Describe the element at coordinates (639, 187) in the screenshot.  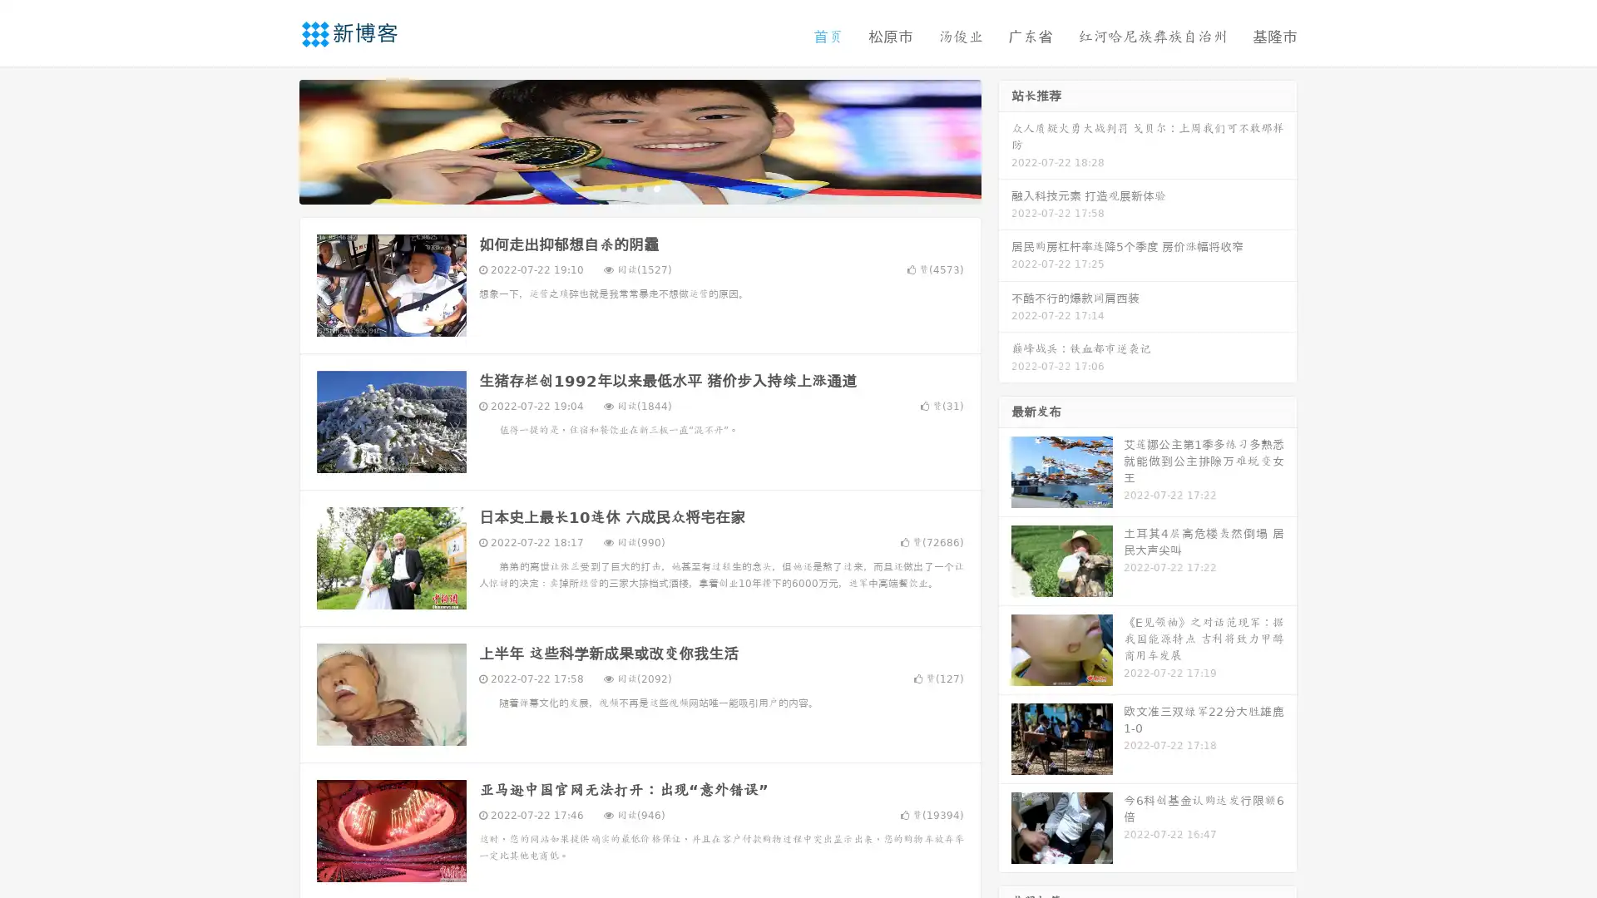
I see `Go to slide 2` at that location.